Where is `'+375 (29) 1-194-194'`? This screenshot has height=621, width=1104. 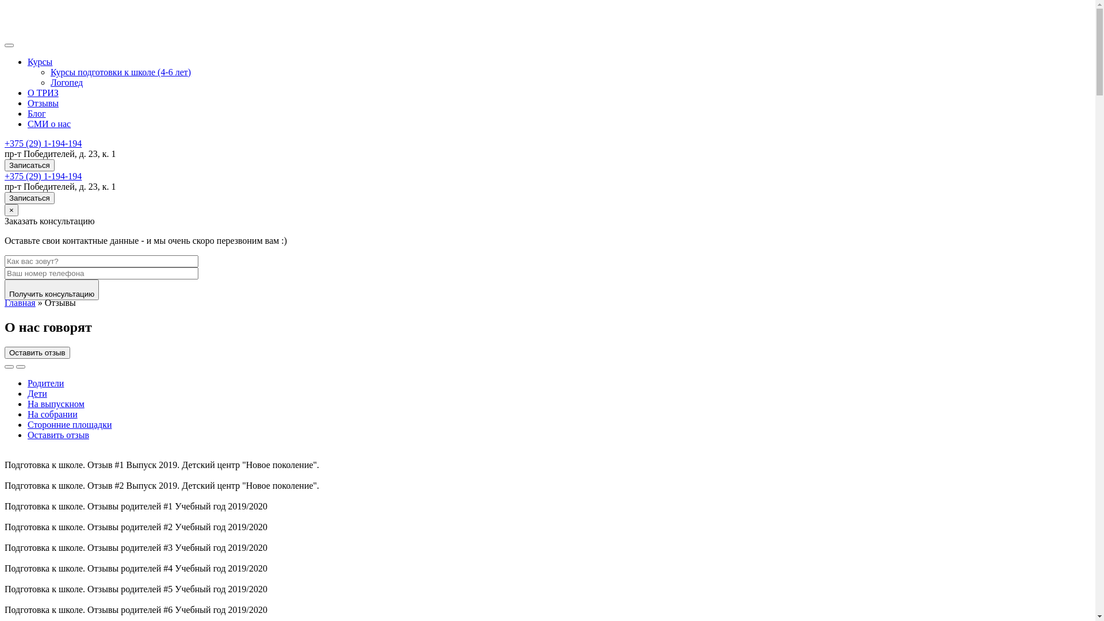
'+375 (29) 1-194-194' is located at coordinates (43, 143).